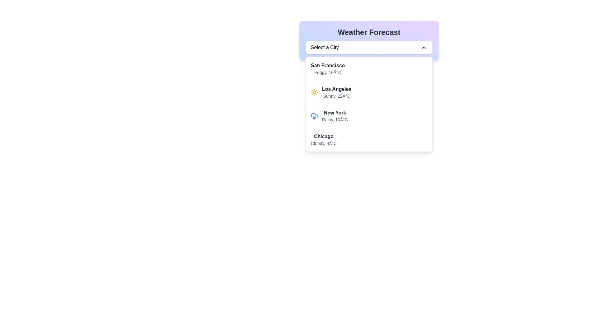  What do you see at coordinates (314, 92) in the screenshot?
I see `the sun icon, a bright yellow SVG graphic with a circular center and radiating lines, located to the left of the text 'Los Angeles Sunny, 22°C'` at bounding box center [314, 92].